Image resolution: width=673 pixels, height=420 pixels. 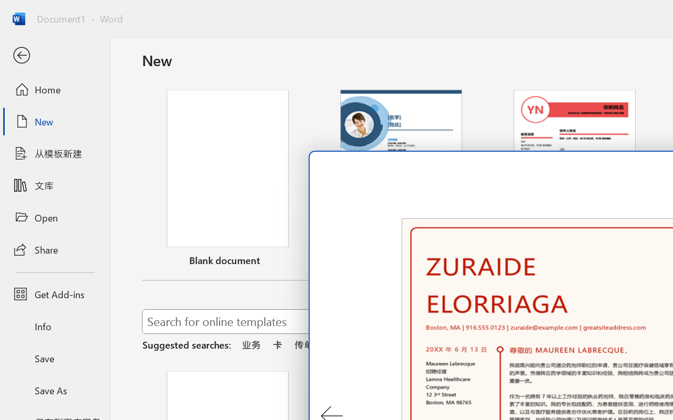 What do you see at coordinates (54, 294) in the screenshot?
I see `'Get Add-ins'` at bounding box center [54, 294].